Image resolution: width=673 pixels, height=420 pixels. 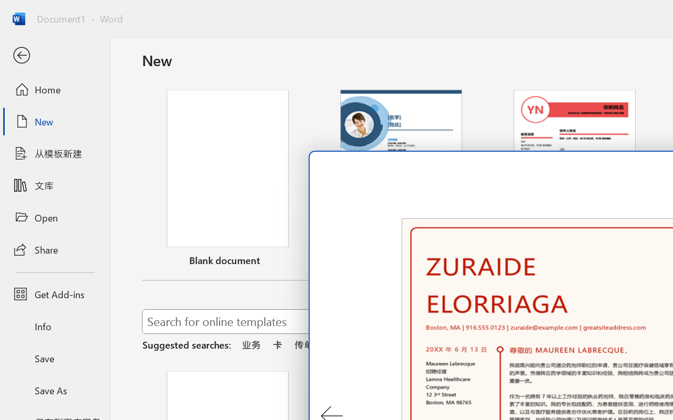 What do you see at coordinates (54, 294) in the screenshot?
I see `'Get Add-ins'` at bounding box center [54, 294].